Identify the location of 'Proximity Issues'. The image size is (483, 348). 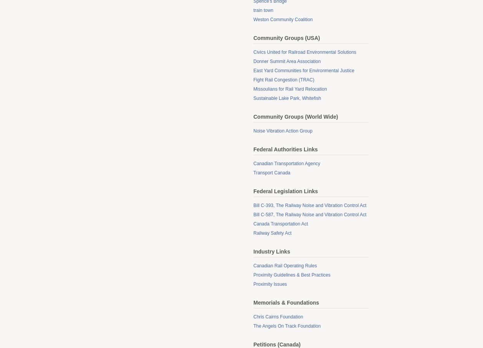
(270, 284).